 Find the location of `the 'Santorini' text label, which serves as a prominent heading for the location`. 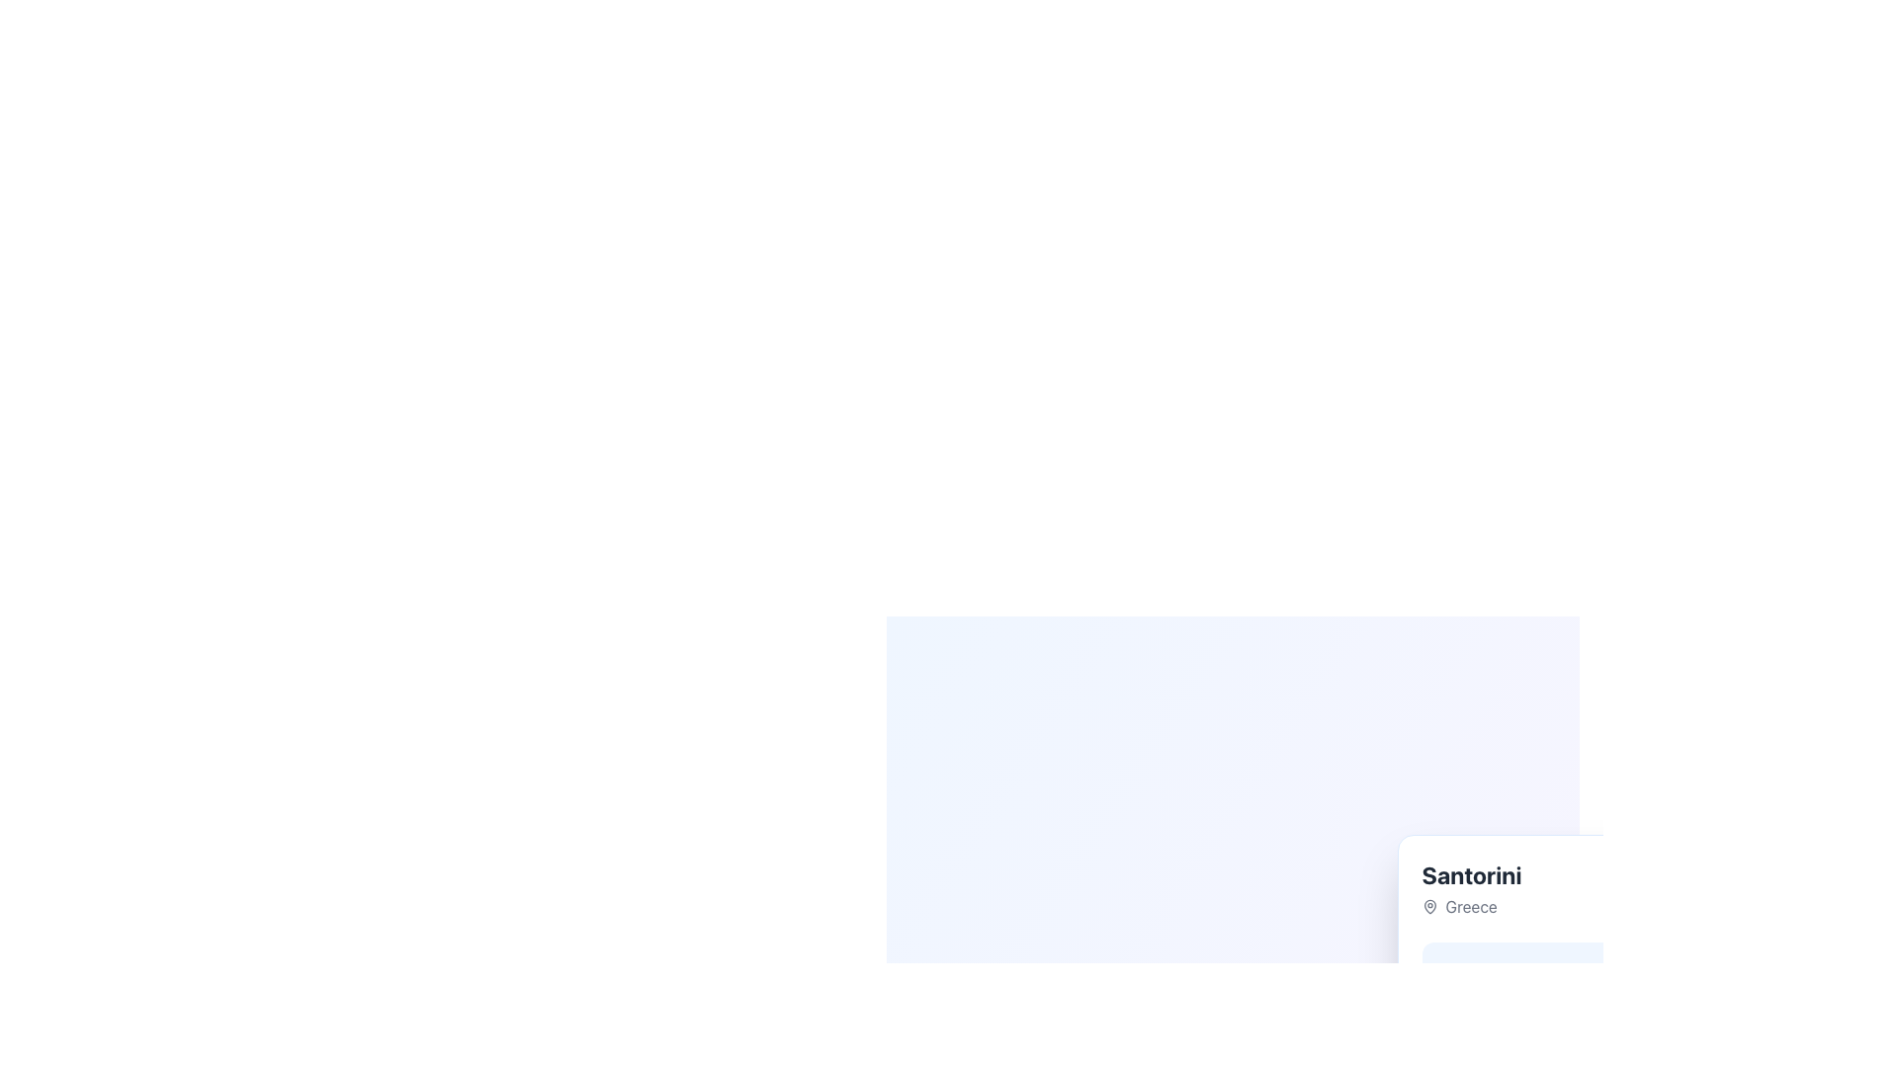

the 'Santorini' text label, which serves as a prominent heading for the location is located at coordinates (1471, 874).